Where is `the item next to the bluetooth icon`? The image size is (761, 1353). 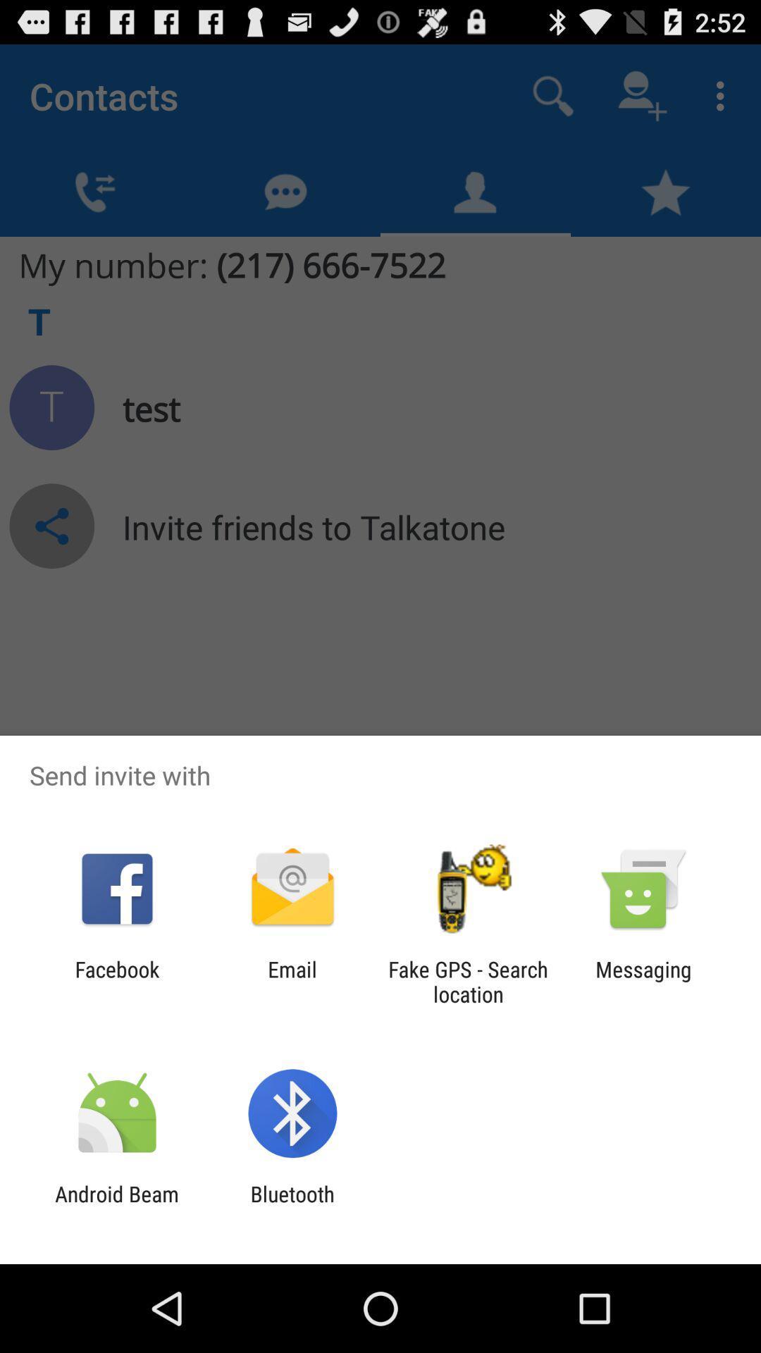
the item next to the bluetooth icon is located at coordinates (116, 1206).